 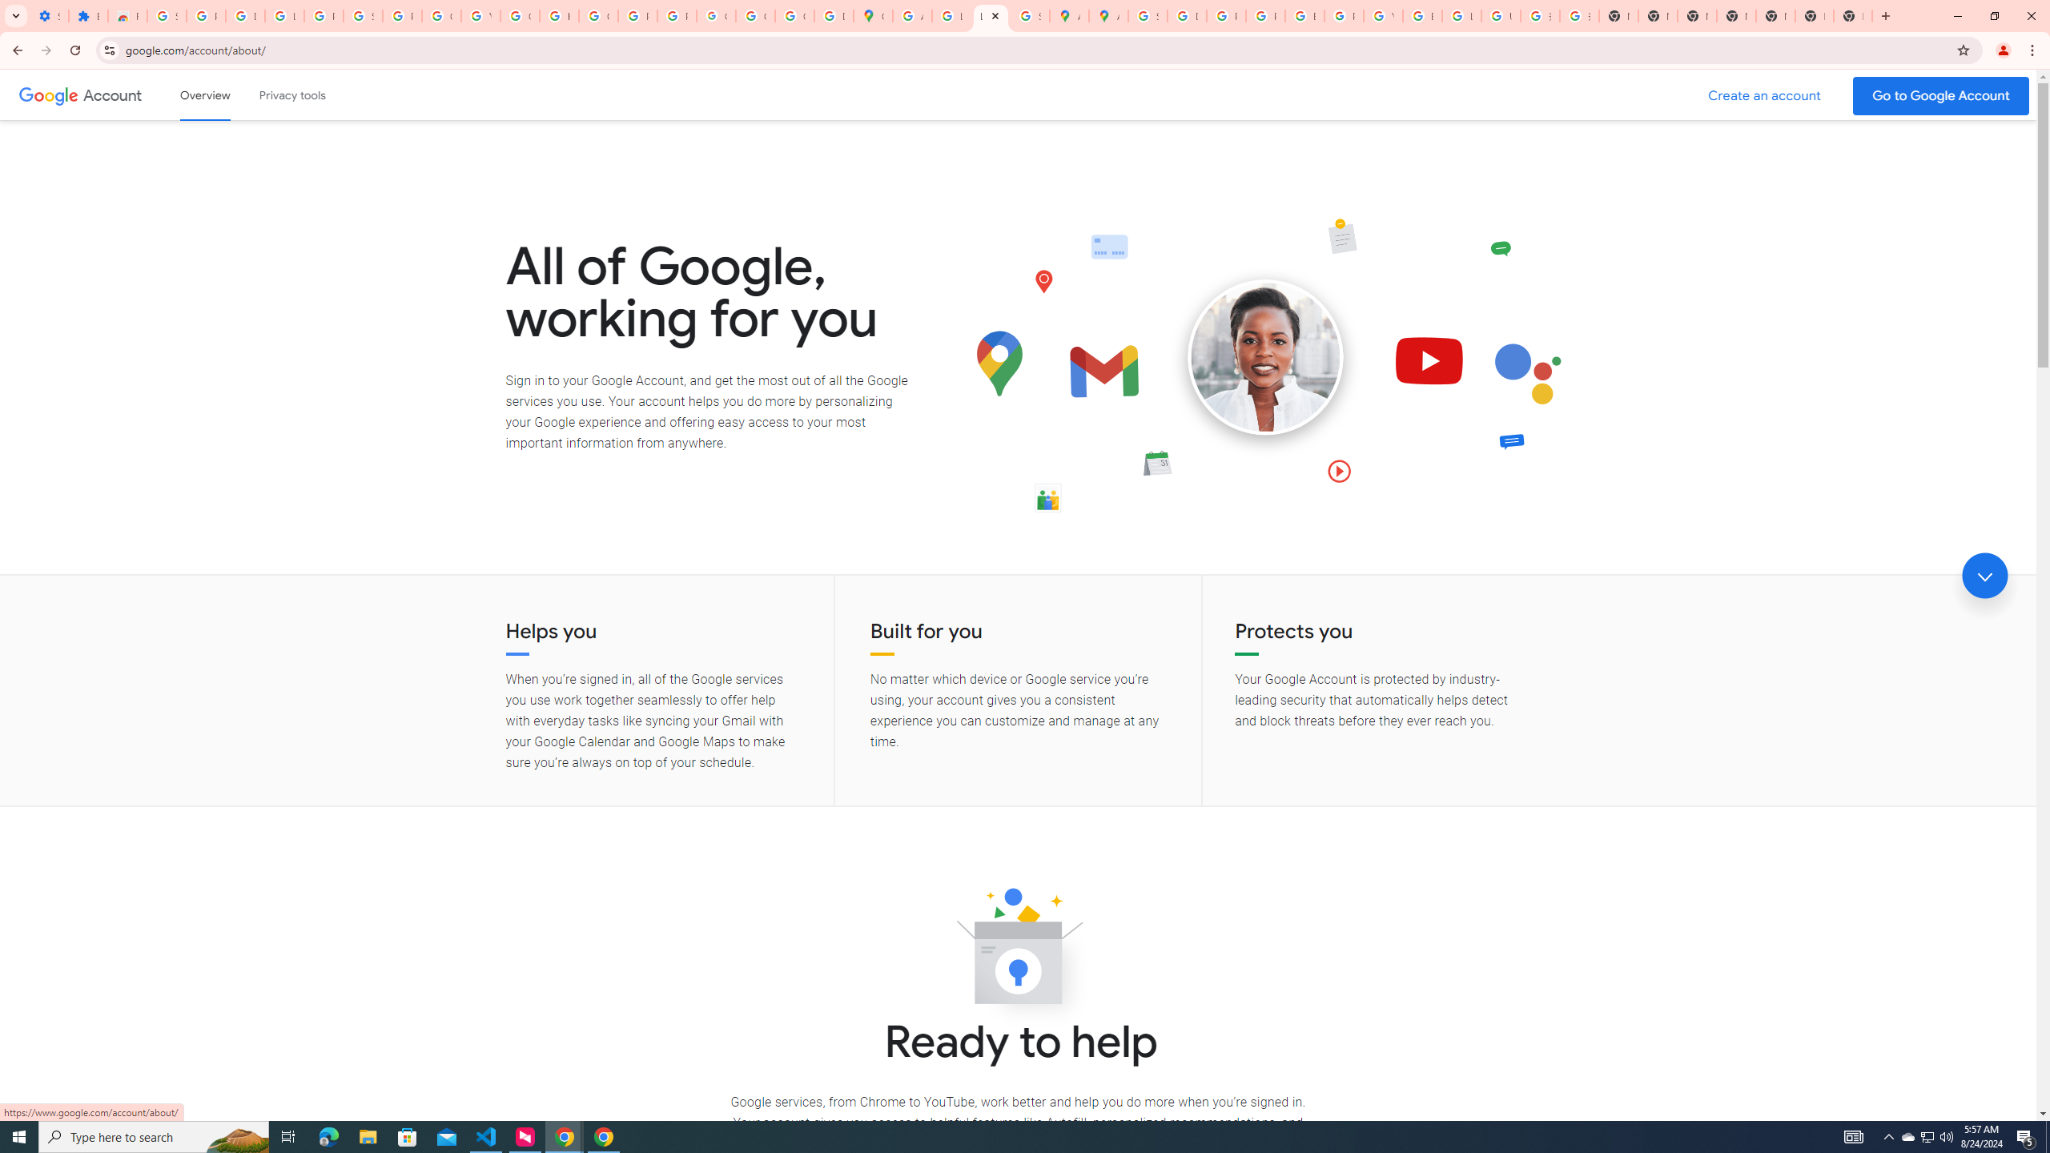 I want to click on 'Jump link', so click(x=1984, y=576).